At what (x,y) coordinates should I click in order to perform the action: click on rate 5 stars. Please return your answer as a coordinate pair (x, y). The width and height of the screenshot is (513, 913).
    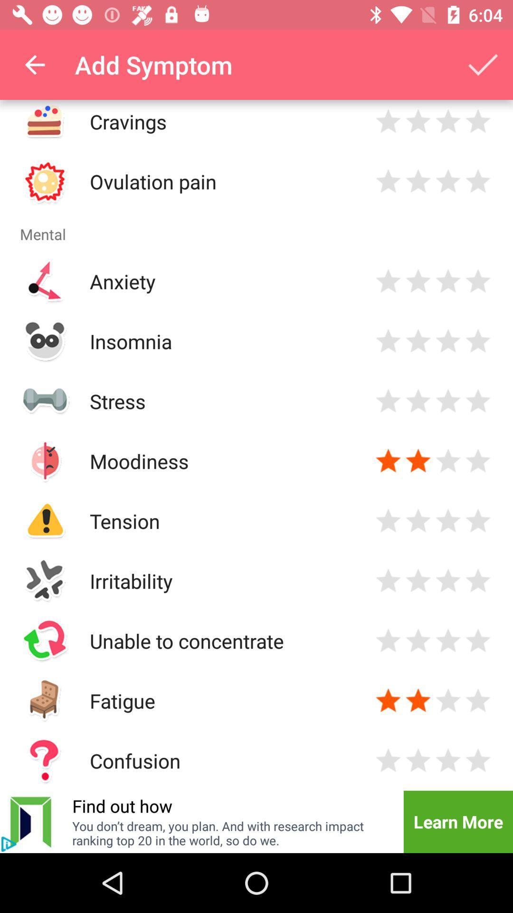
    Looking at the image, I should click on (478, 181).